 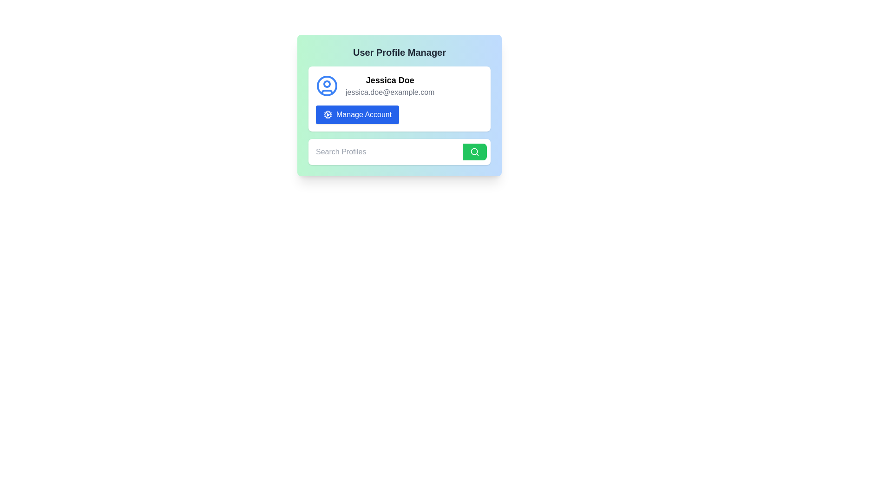 I want to click on the settings icon located to the left of the 'Manage Account' text within the blue button, so click(x=328, y=114).